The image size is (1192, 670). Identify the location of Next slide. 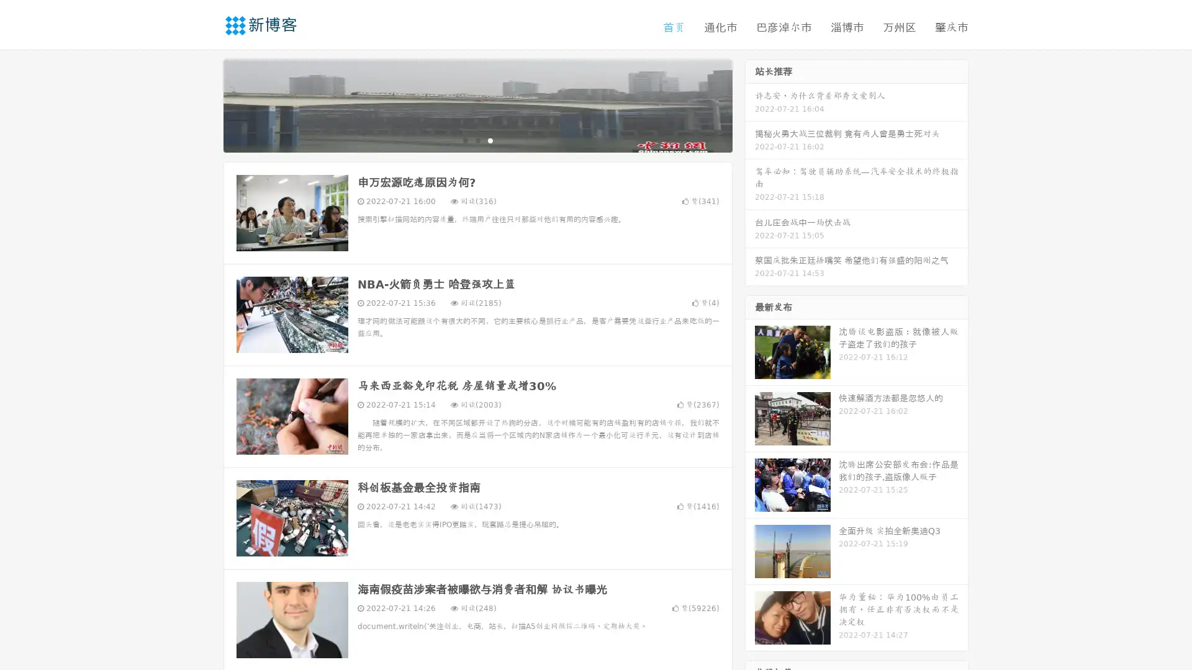
(750, 104).